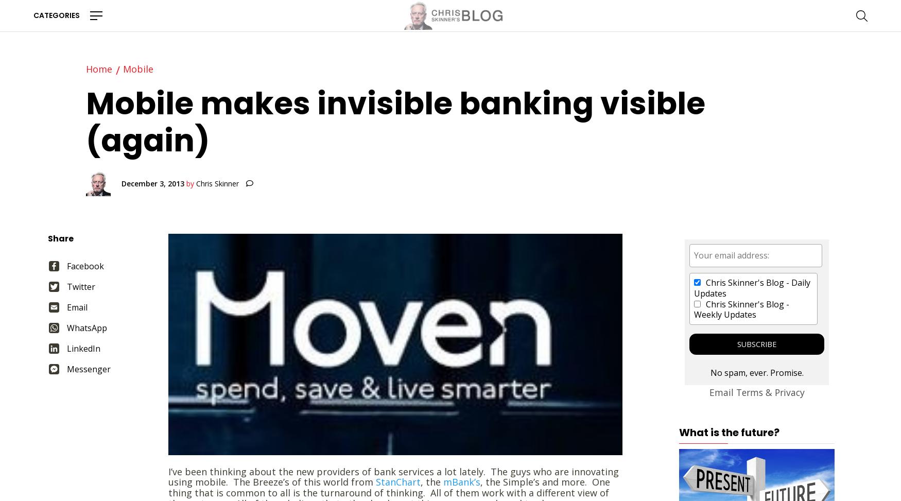 The height and width of the screenshot is (501, 901). What do you see at coordinates (109, 178) in the screenshot?
I see `'Purpose'` at bounding box center [109, 178].